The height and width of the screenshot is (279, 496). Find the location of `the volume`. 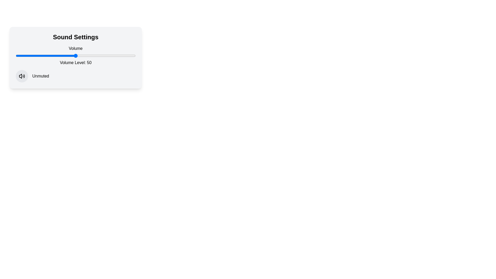

the volume is located at coordinates (133, 56).